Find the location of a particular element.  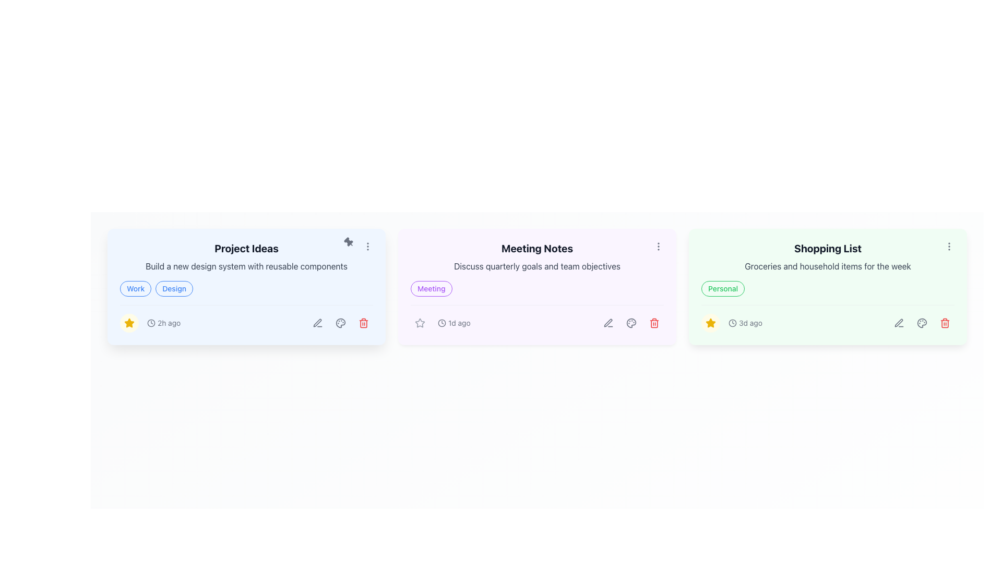

the pen icon button in the bottom-right area of the 'Meeting Notes' card is located at coordinates (609, 323).